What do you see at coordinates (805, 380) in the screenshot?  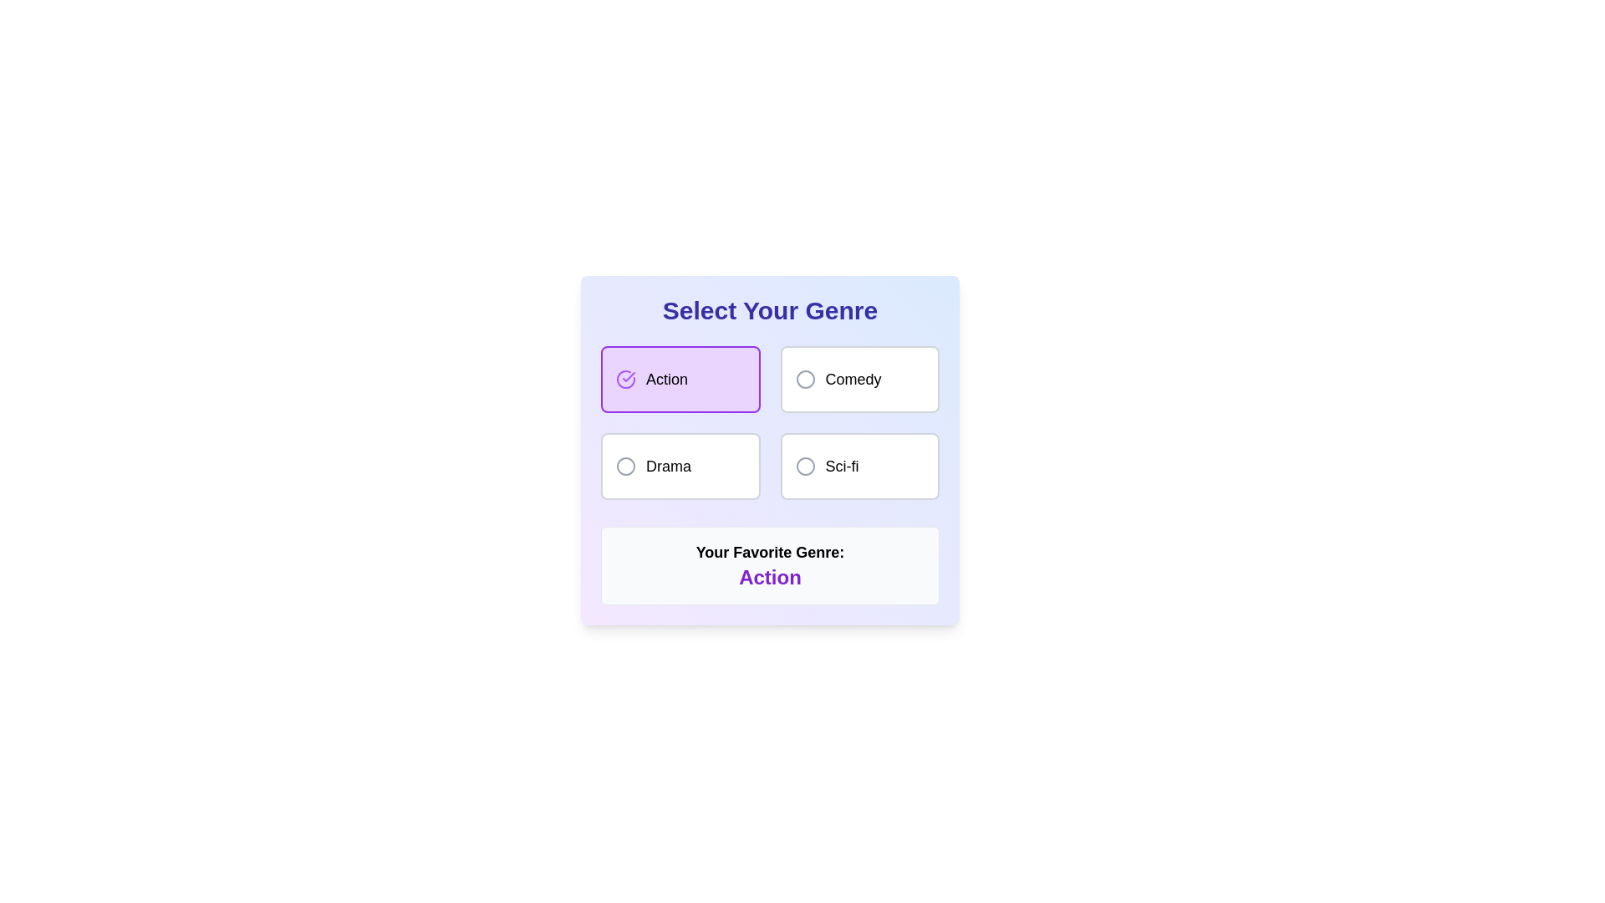 I see `the radio selection visual placeholder element for the 'Comedy' option in the genre selector` at bounding box center [805, 380].